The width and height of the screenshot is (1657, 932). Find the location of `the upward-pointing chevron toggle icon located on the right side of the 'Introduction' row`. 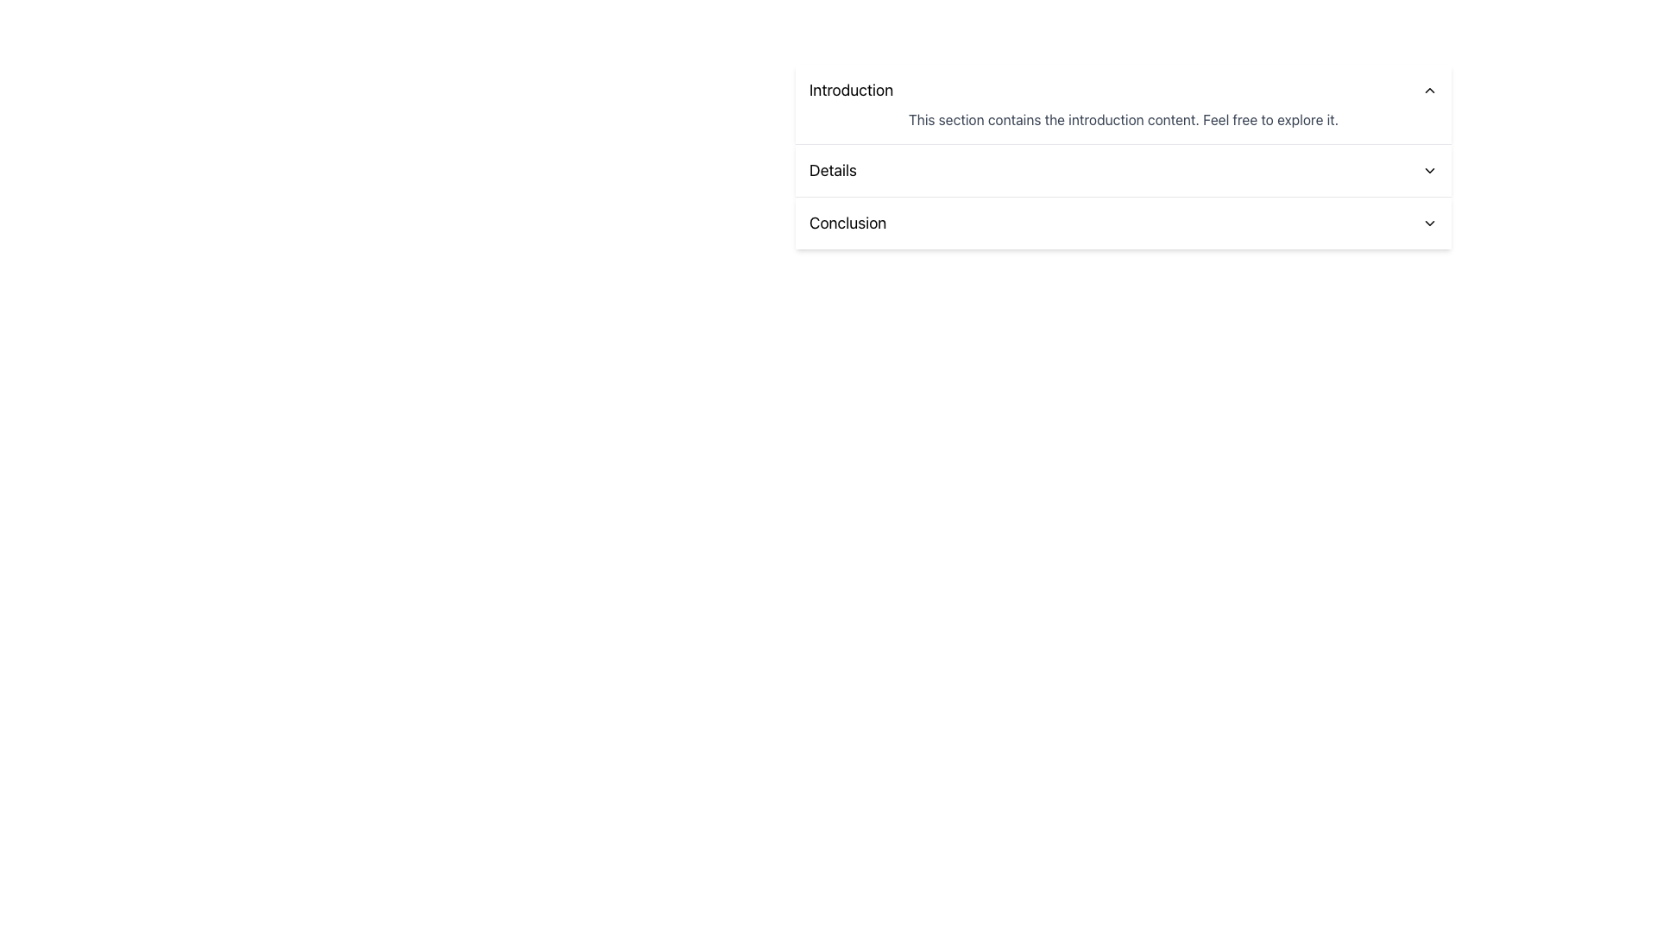

the upward-pointing chevron toggle icon located on the right side of the 'Introduction' row is located at coordinates (1429, 90).